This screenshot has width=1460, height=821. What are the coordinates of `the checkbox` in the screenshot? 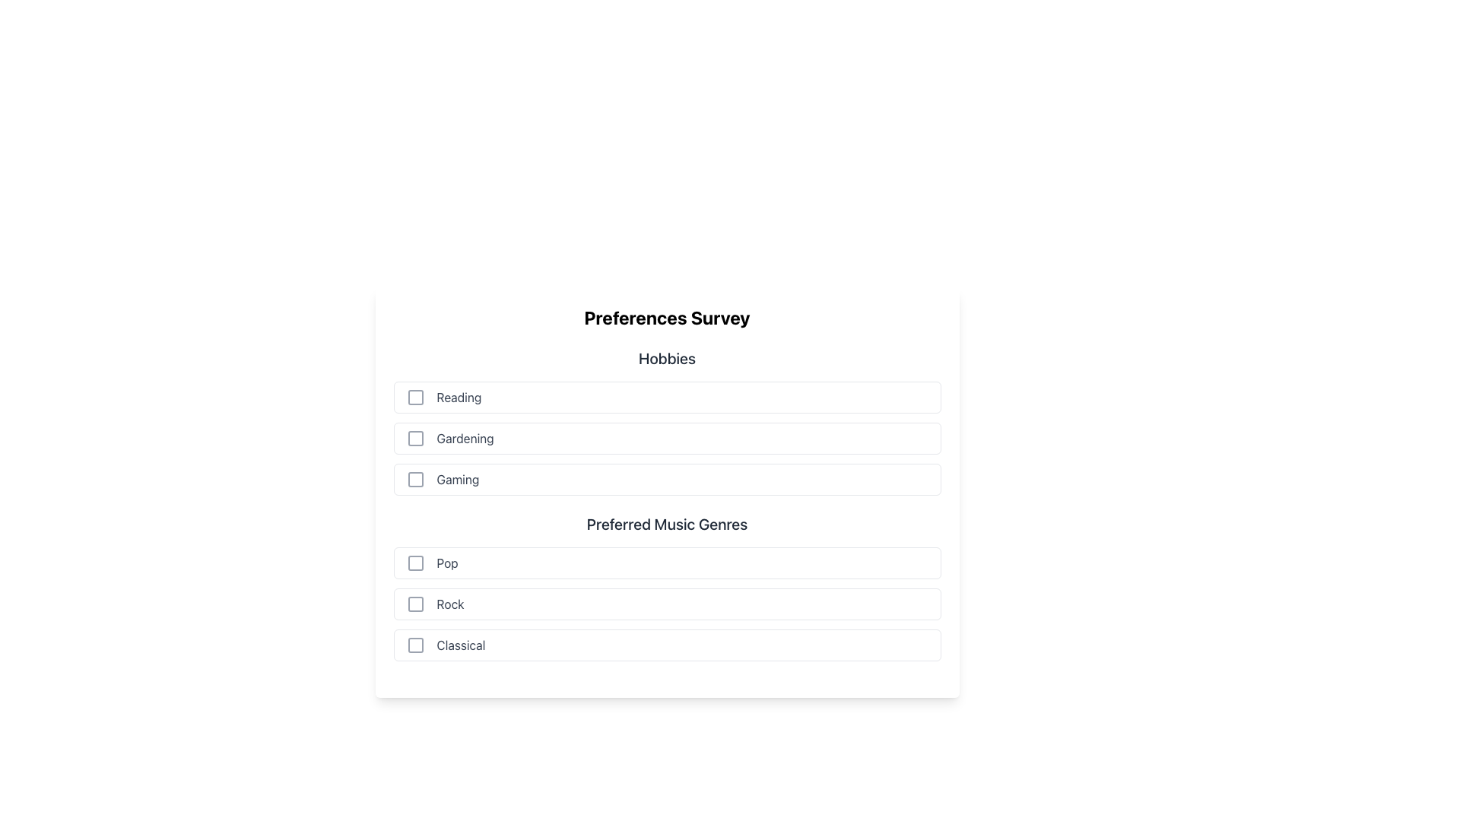 It's located at (667, 439).